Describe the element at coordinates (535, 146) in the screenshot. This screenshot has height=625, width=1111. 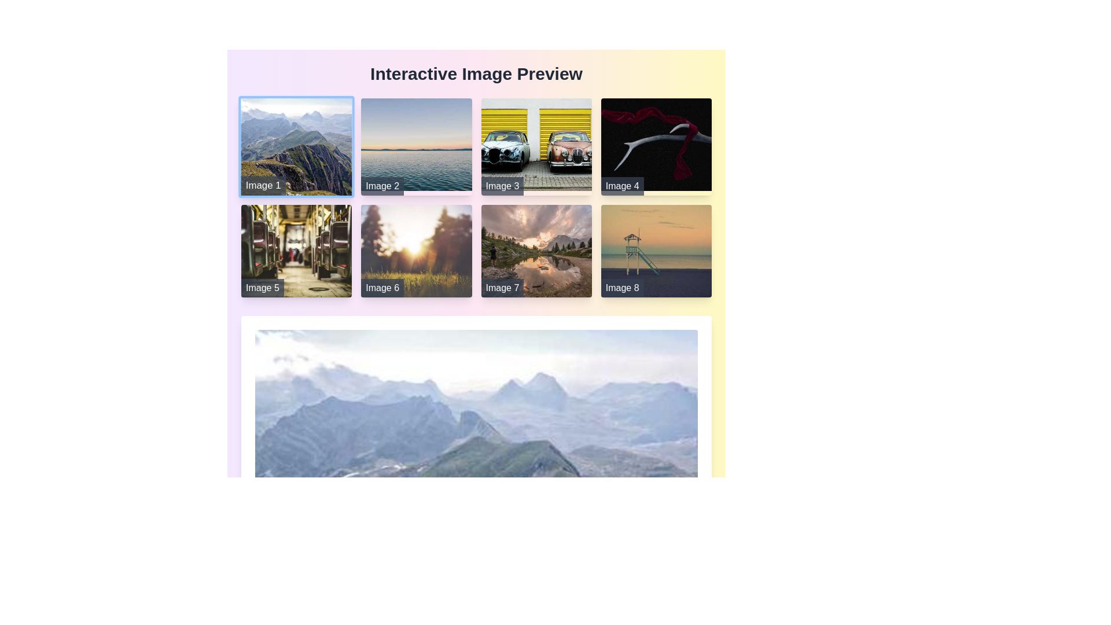
I see `the interactive image preview located in the top row, third column of the 4x2 grid` at that location.